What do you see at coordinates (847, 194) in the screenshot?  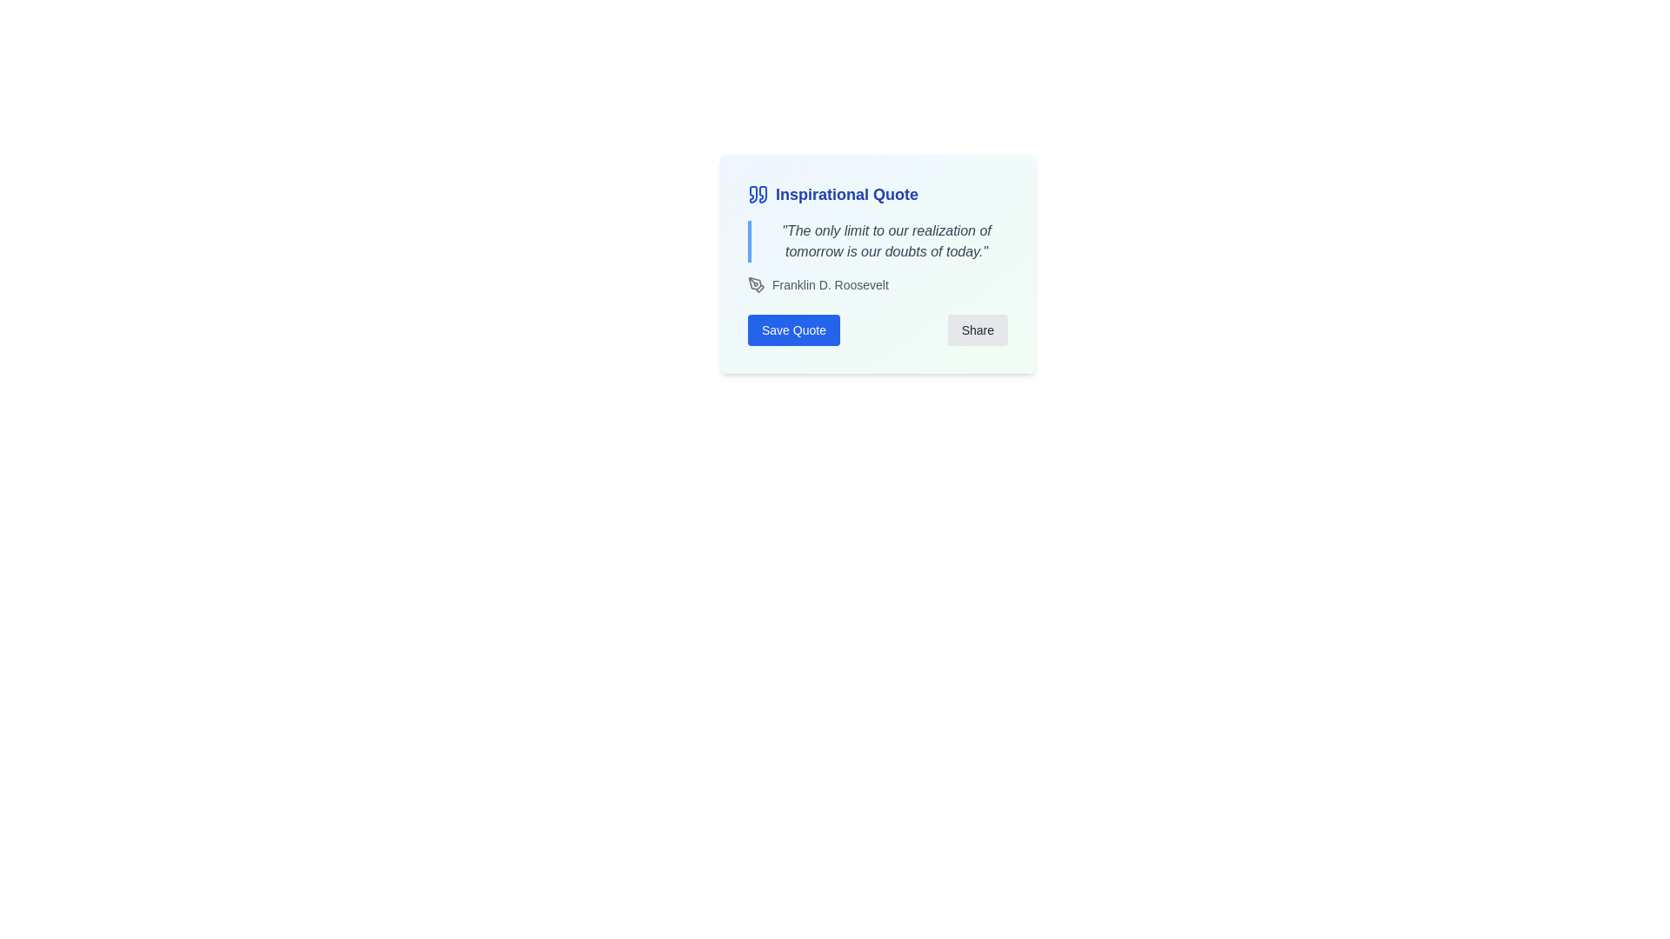 I see `the text label that contains the words 'Inspirational Quote', which is styled with a large bold font in deep blue color` at bounding box center [847, 194].